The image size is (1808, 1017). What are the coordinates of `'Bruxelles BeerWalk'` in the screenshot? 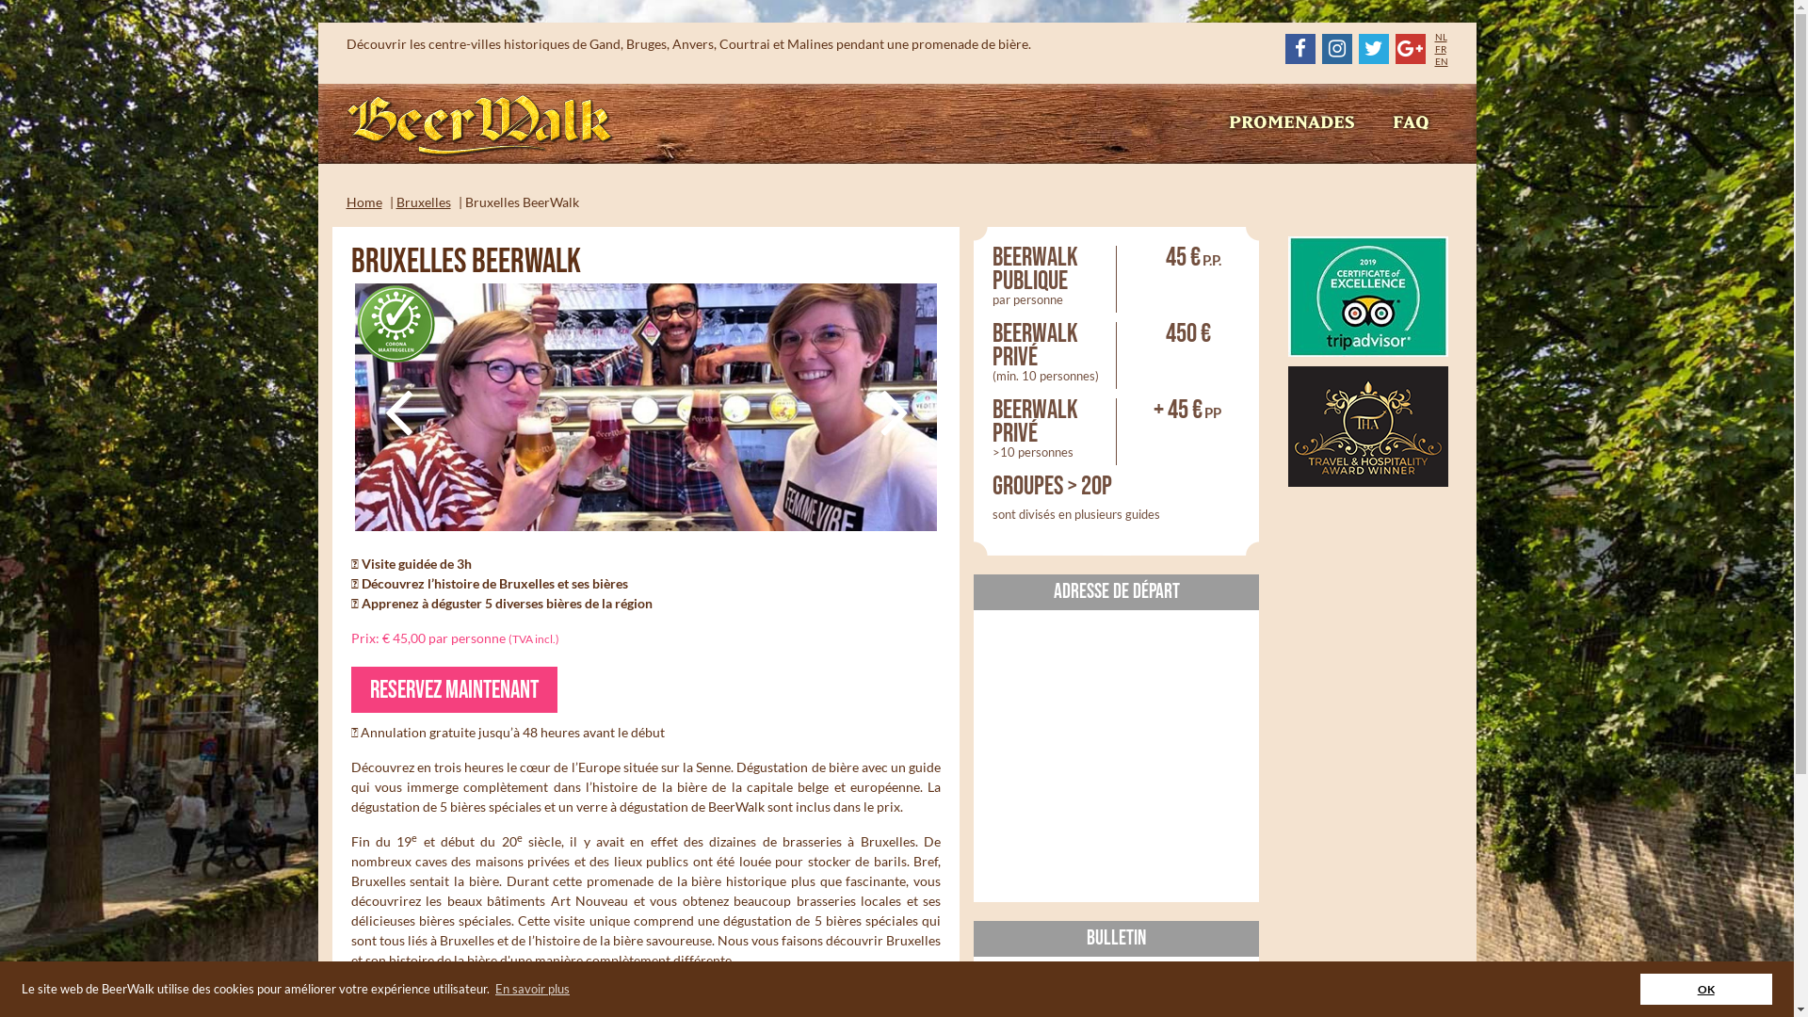 It's located at (645, 406).